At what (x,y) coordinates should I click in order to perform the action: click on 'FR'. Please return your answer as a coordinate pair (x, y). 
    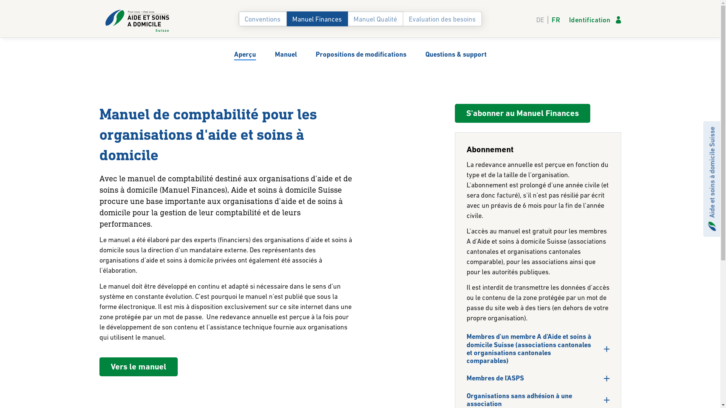
    Looking at the image, I should click on (554, 19).